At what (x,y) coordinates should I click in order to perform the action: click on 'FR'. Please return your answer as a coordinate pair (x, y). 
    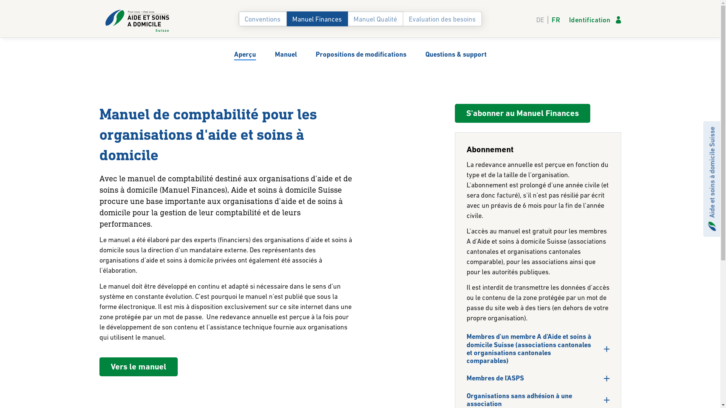
    Looking at the image, I should click on (554, 19).